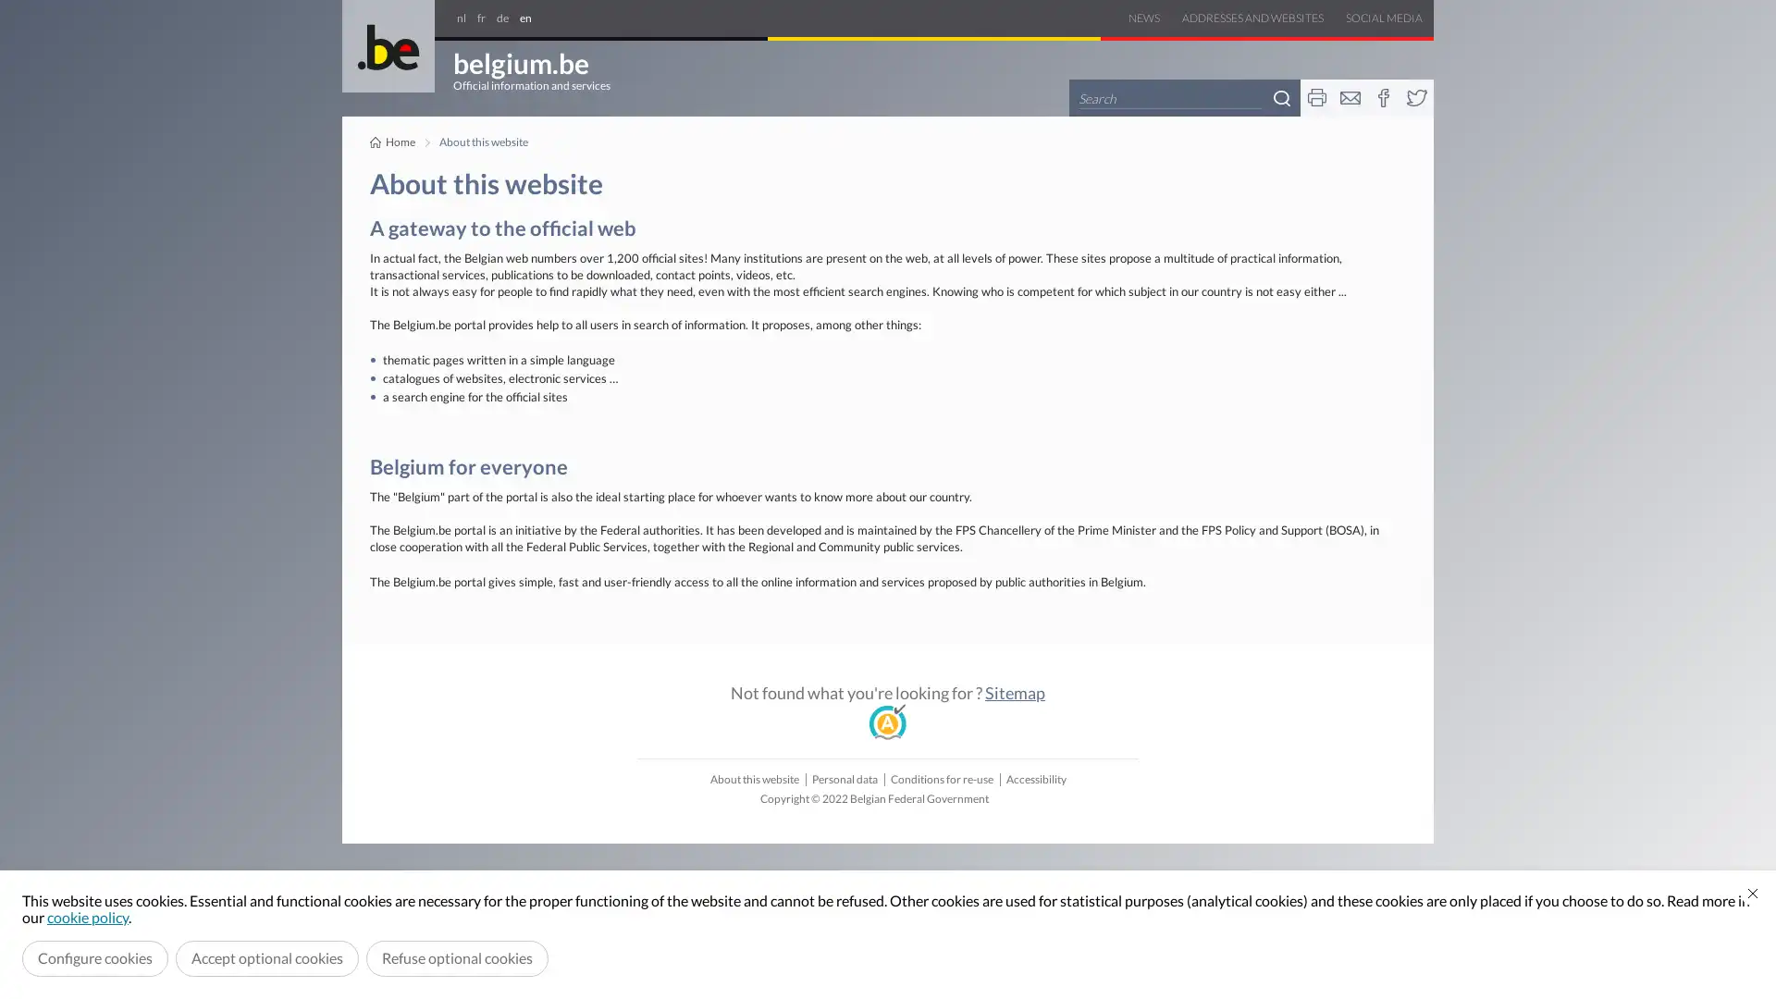  Describe the element at coordinates (457, 957) in the screenshot. I see `Refuse optional cookies` at that location.